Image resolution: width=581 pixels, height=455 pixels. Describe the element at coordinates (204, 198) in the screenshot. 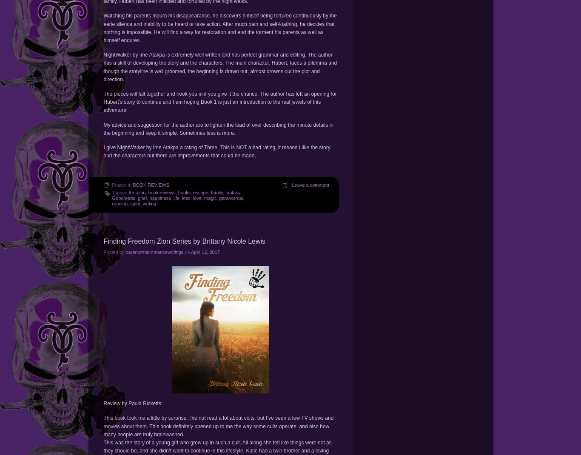

I see `'magic'` at that location.